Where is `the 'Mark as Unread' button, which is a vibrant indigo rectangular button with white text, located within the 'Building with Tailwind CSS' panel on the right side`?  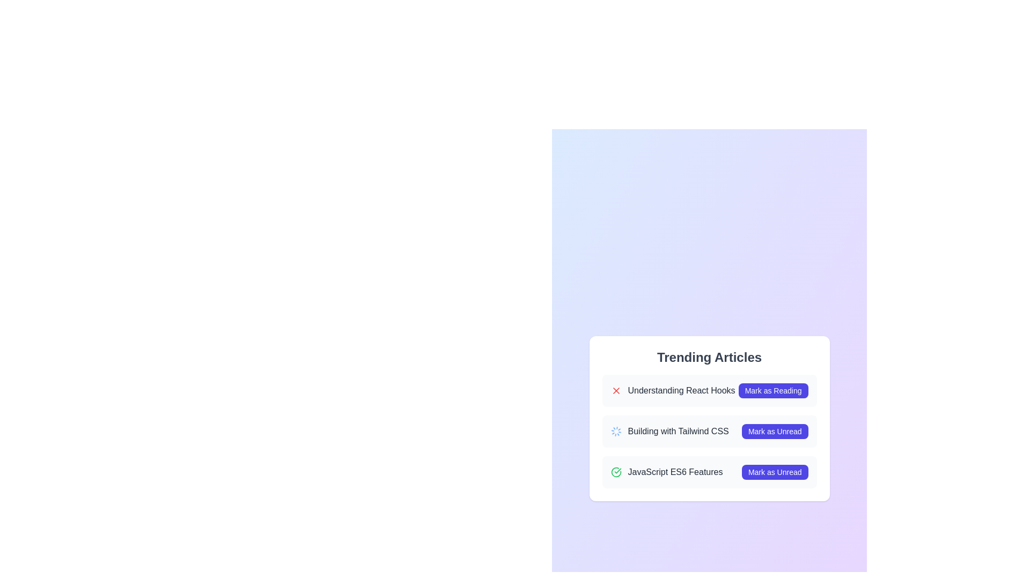
the 'Mark as Unread' button, which is a vibrant indigo rectangular button with white text, located within the 'Building with Tailwind CSS' panel on the right side is located at coordinates (775, 431).